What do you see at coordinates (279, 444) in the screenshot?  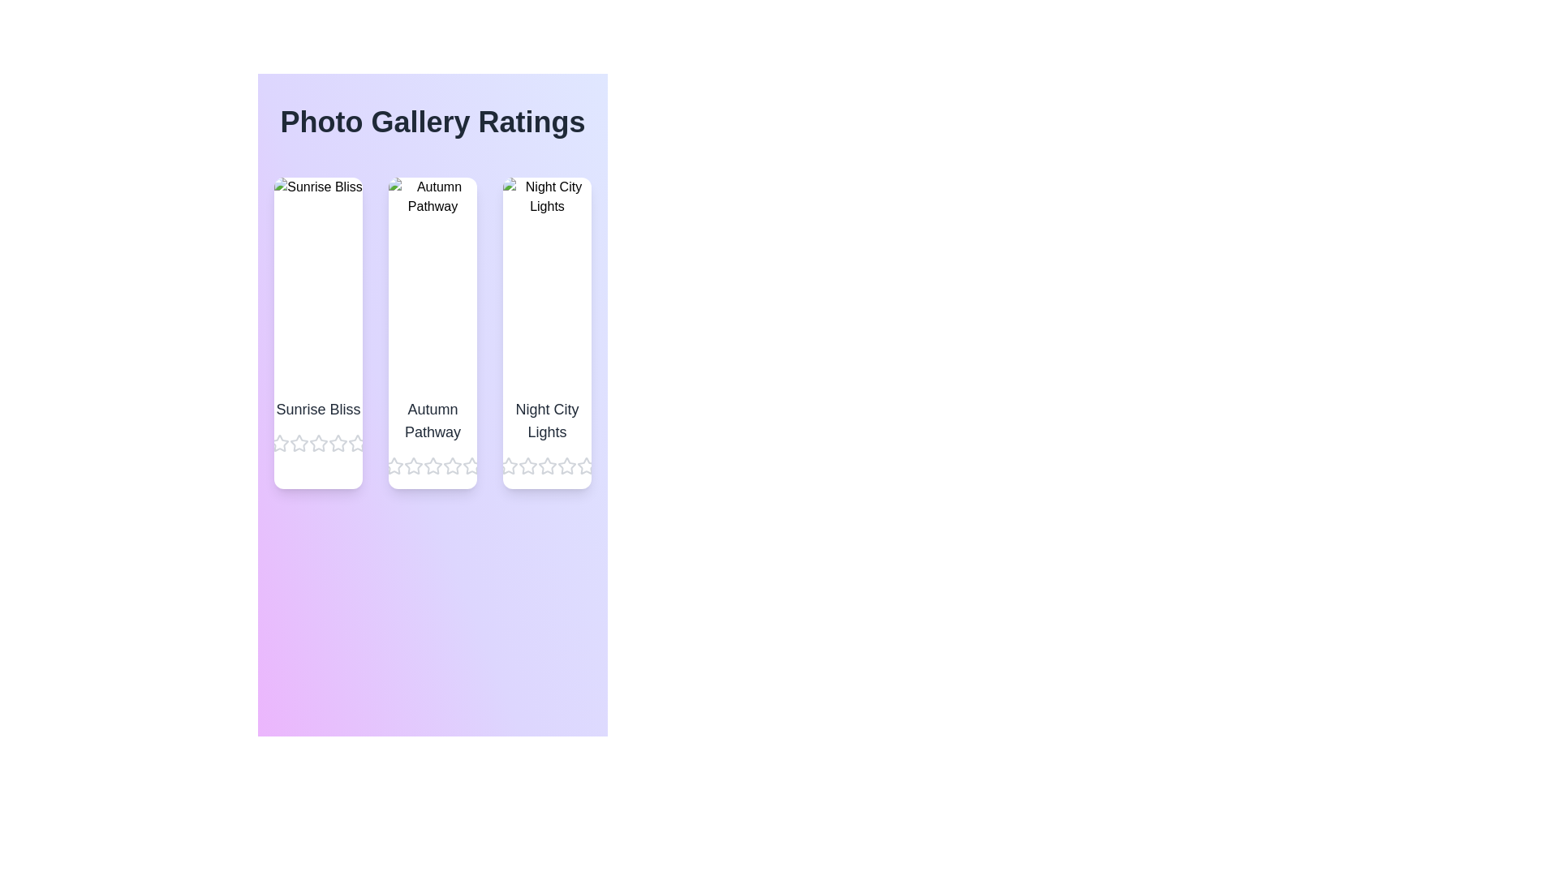 I see `the star corresponding to 1 stars for the image titled Sunrise Bliss` at bounding box center [279, 444].